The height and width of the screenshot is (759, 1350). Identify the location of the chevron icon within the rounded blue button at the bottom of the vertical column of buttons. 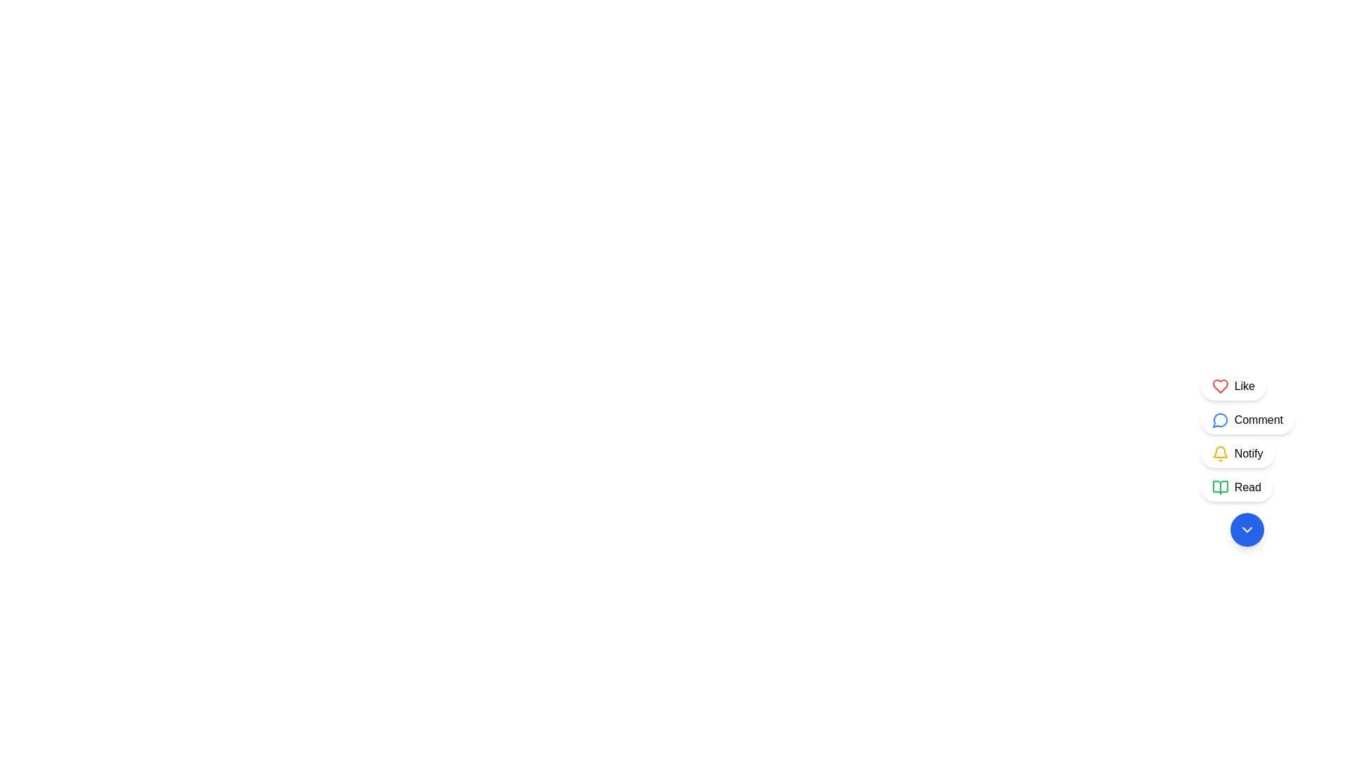
(1247, 529).